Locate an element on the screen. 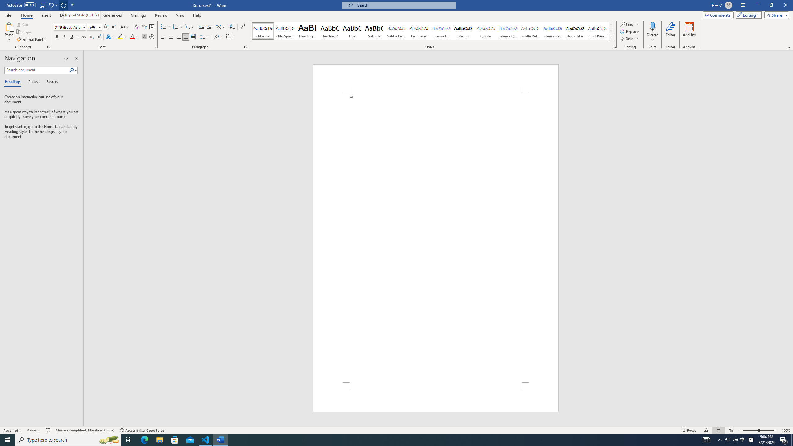 Image resolution: width=793 pixels, height=446 pixels. 'Restore Down' is located at coordinates (771, 5).